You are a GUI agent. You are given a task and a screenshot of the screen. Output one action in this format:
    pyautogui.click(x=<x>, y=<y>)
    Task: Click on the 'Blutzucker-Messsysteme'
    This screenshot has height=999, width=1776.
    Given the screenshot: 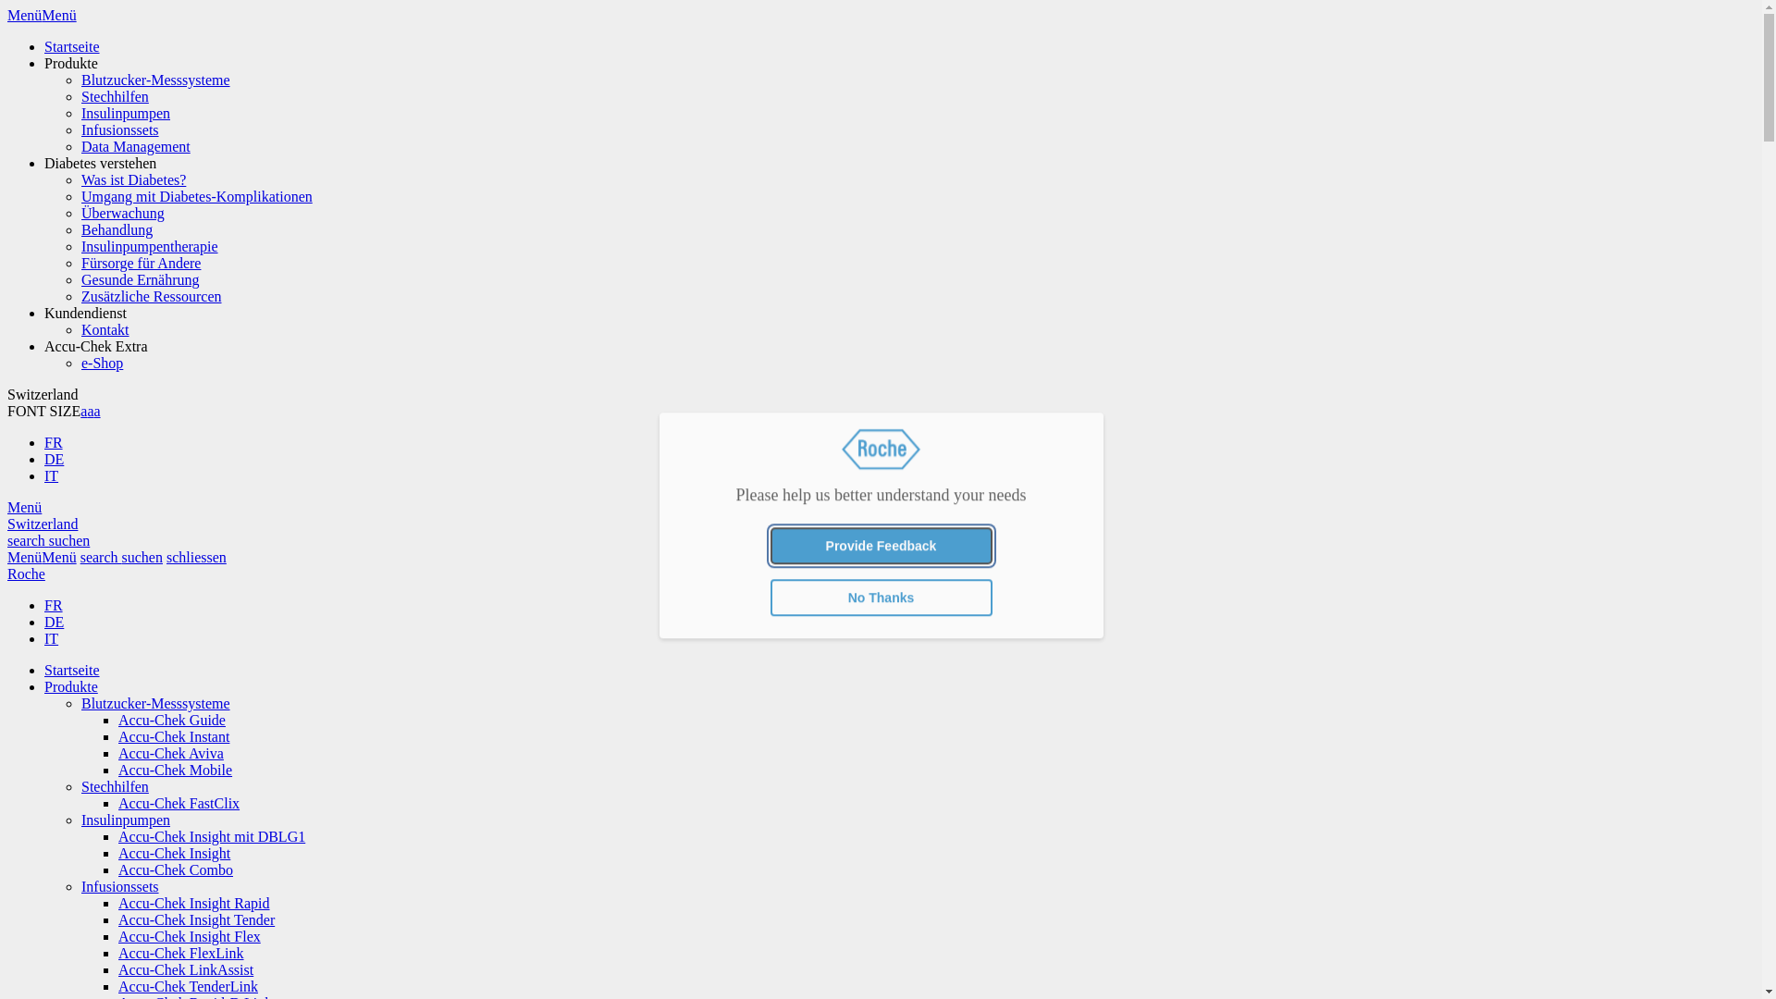 What is the action you would take?
    pyautogui.click(x=155, y=79)
    